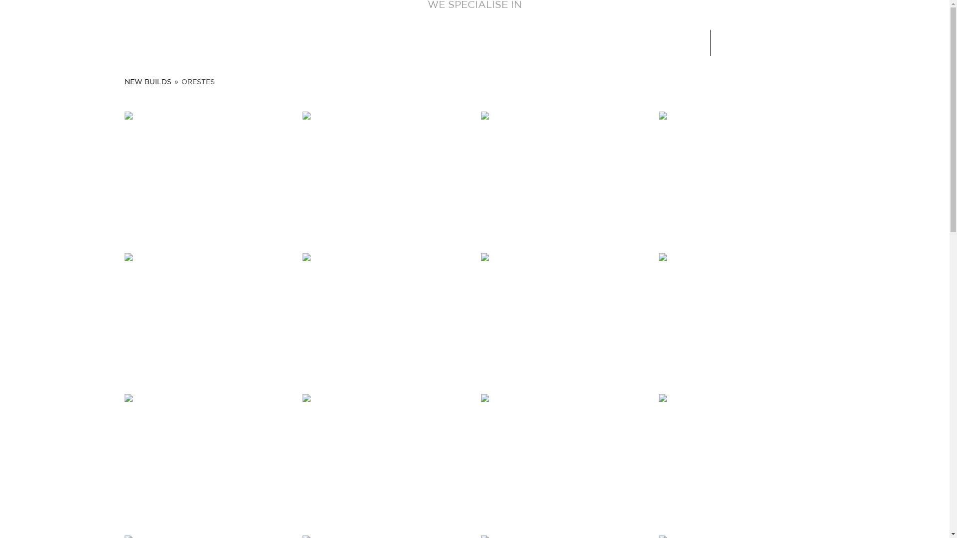 The image size is (957, 538). I want to click on 'Orestes', so click(742, 317).